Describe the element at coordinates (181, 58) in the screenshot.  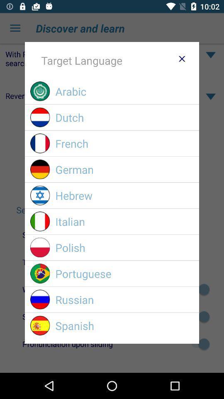
I see `the item above the arabic icon` at that location.